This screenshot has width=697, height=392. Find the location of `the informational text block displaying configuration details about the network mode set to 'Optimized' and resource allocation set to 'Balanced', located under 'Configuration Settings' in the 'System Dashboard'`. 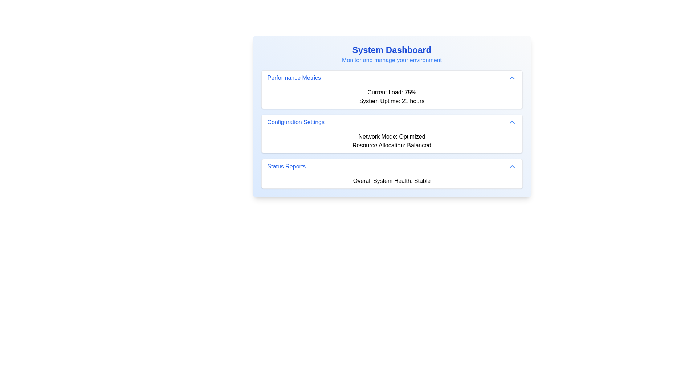

the informational text block displaying configuration details about the network mode set to 'Optimized' and resource allocation set to 'Balanced', located under 'Configuration Settings' in the 'System Dashboard' is located at coordinates (391, 141).